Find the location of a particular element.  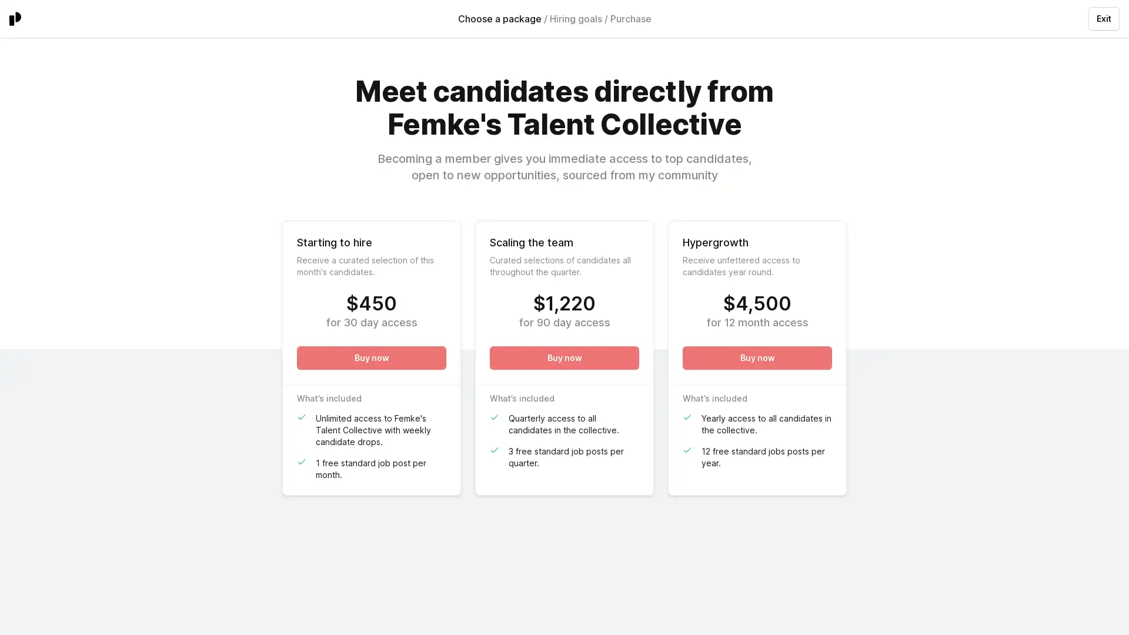

Exit is located at coordinates (1103, 18).